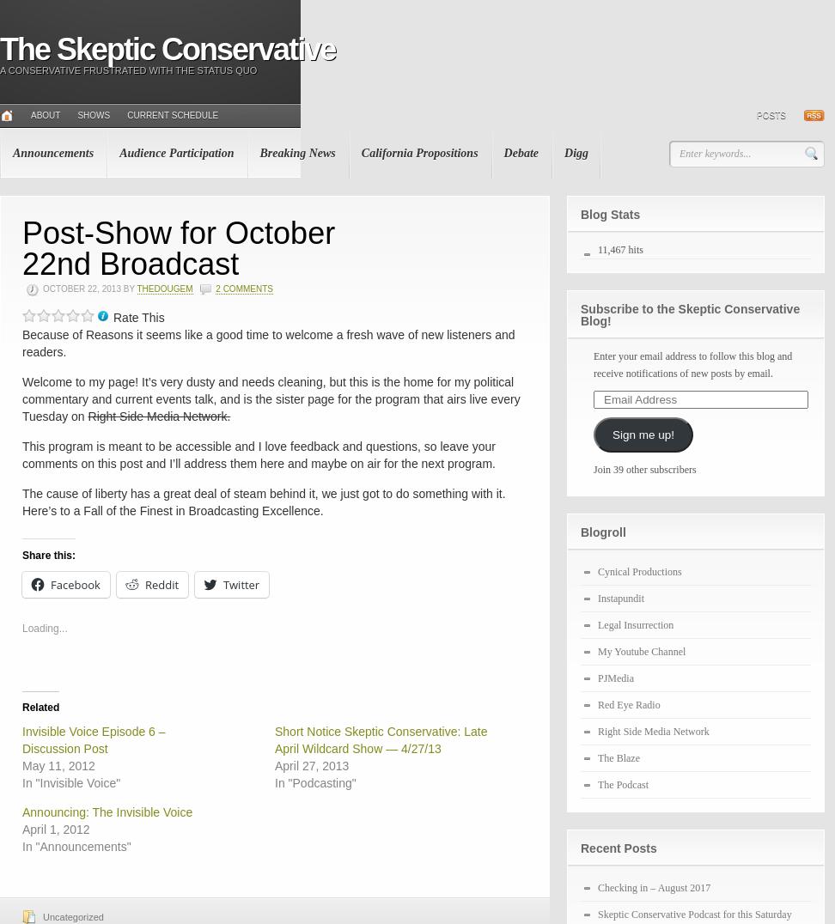  Describe the element at coordinates (160, 585) in the screenshot. I see `'Reddit'` at that location.